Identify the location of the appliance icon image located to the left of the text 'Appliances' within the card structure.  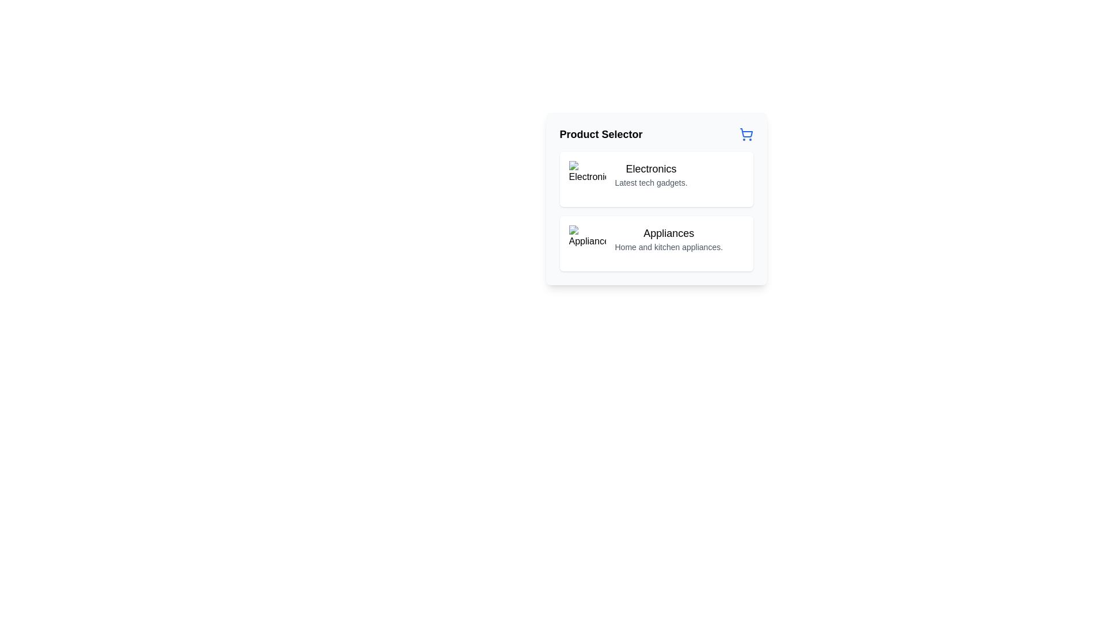
(587, 243).